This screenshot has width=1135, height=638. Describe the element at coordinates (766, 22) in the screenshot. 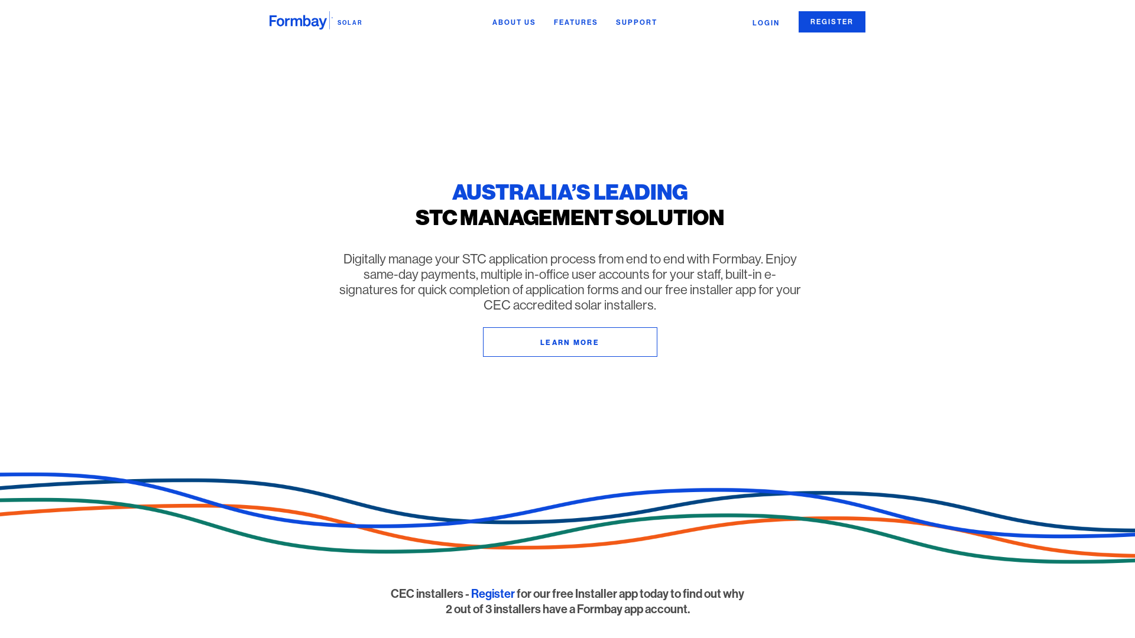

I see `'LOGIN'` at that location.